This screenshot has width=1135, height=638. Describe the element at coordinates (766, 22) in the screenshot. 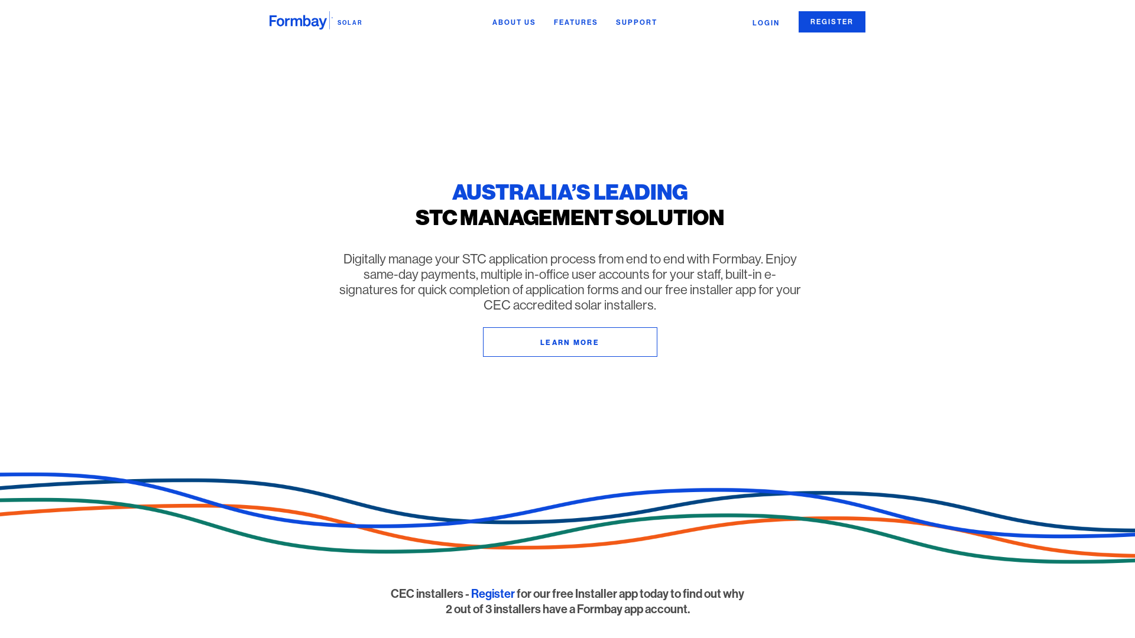

I see `'LOGIN'` at that location.